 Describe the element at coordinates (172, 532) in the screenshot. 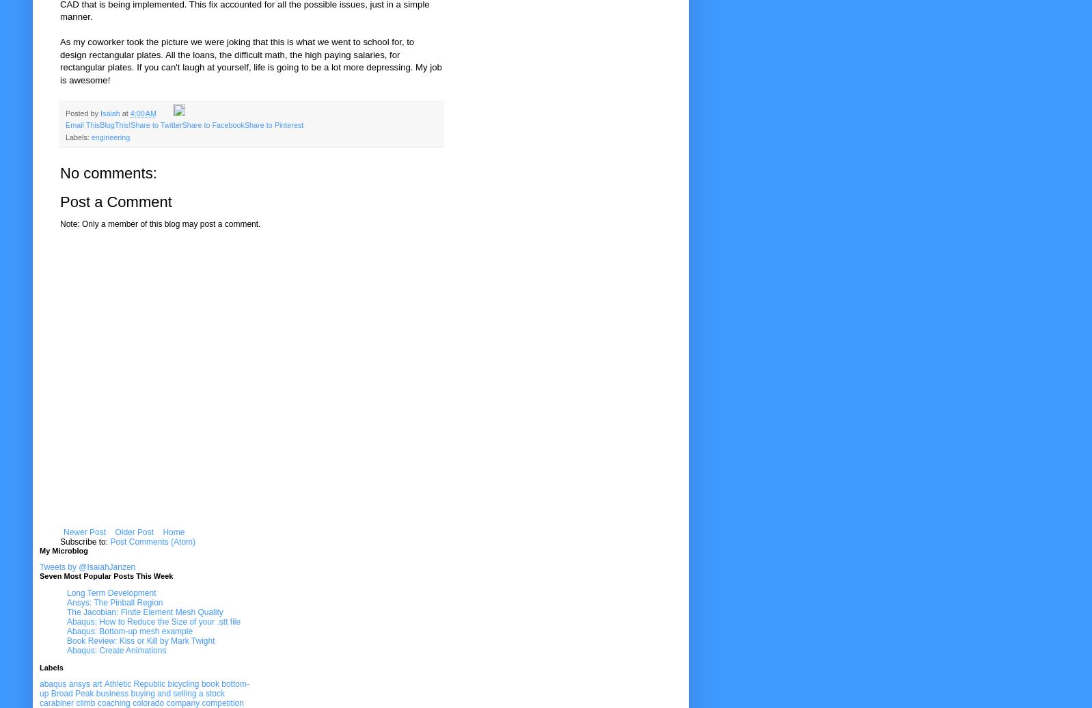

I see `'Home'` at that location.